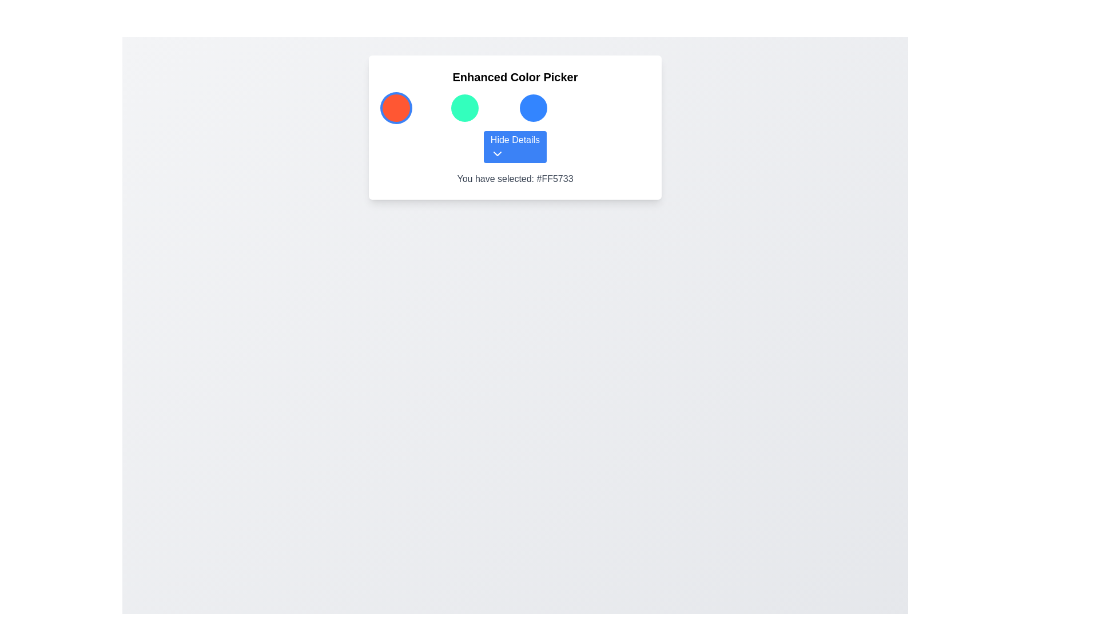 The height and width of the screenshot is (618, 1098). Describe the element at coordinates (497, 153) in the screenshot. I see `the Chevron Icon located at the bottom center of the 'Hide Details' button` at that location.